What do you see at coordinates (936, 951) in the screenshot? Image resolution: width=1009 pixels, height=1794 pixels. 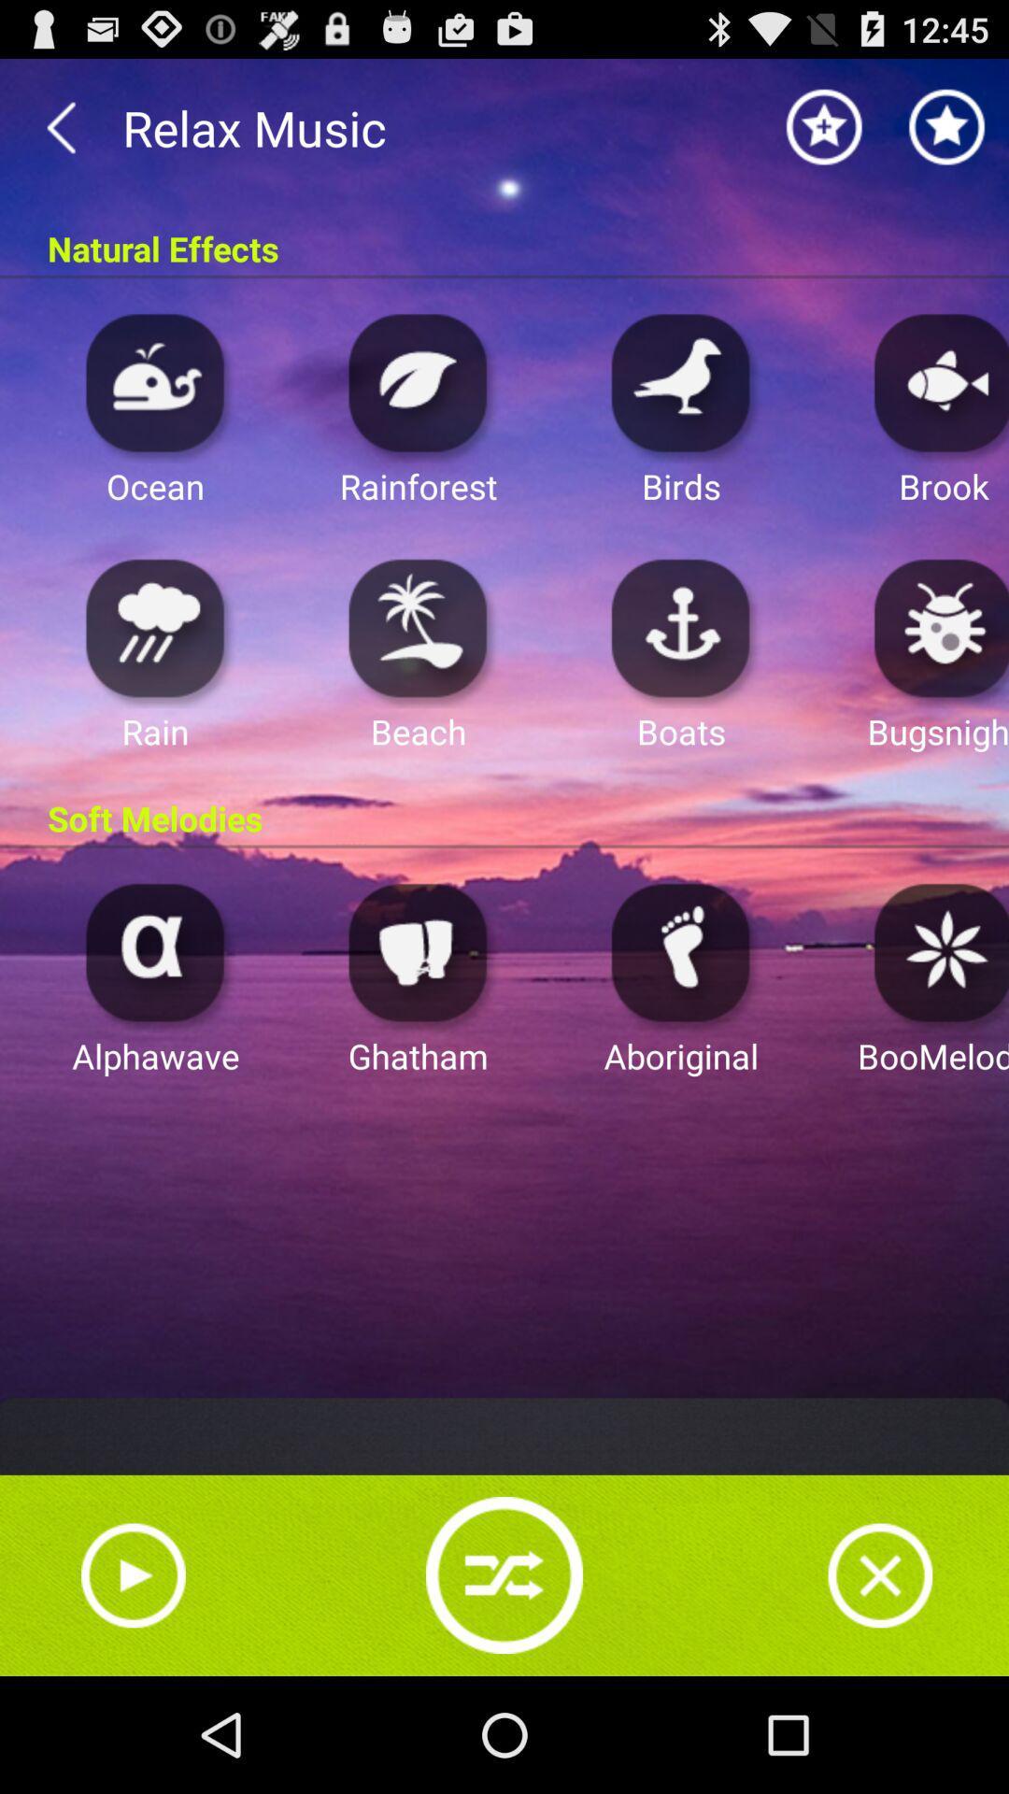 I see `boomeloo music` at bounding box center [936, 951].